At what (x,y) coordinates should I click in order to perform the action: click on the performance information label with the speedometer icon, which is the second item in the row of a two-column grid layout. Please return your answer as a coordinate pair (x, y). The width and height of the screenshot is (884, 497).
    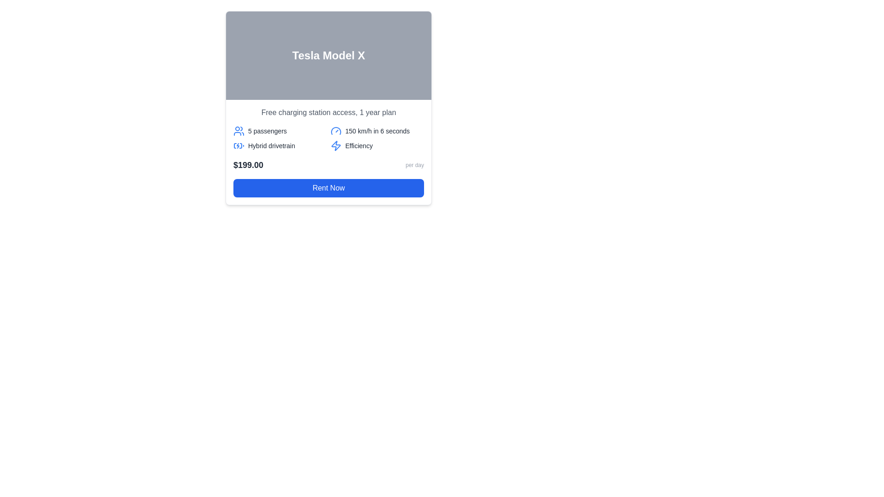
    Looking at the image, I should click on (377, 131).